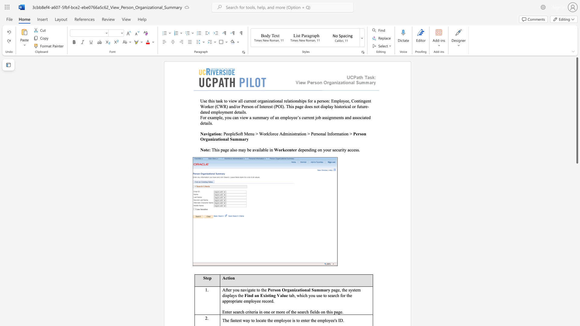 The height and width of the screenshot is (326, 580). Describe the element at coordinates (214, 149) in the screenshot. I see `the subset text "his page als" within the text "This page also may be available in"` at that location.